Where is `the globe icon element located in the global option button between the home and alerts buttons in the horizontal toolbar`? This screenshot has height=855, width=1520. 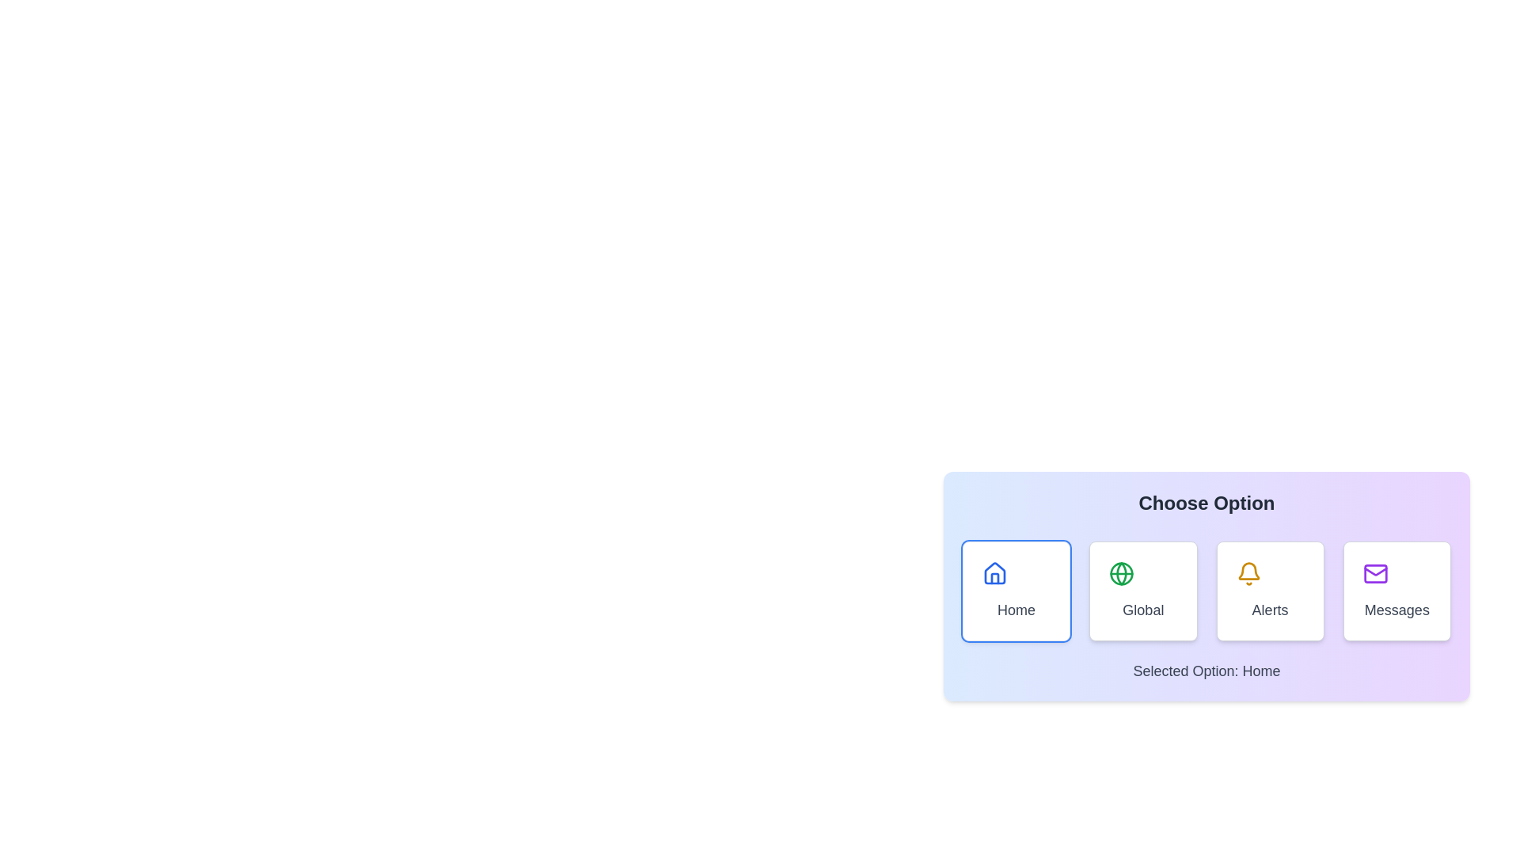
the globe icon element located in the global option button between the home and alerts buttons in the horizontal toolbar is located at coordinates (1121, 574).